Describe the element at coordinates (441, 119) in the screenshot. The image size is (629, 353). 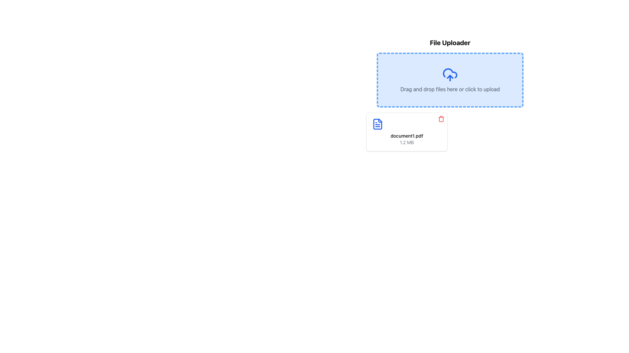
I see `the icon represented by a rectangular structure with rounded edges, located next to the 'document1.pdf' file listing entry` at that location.